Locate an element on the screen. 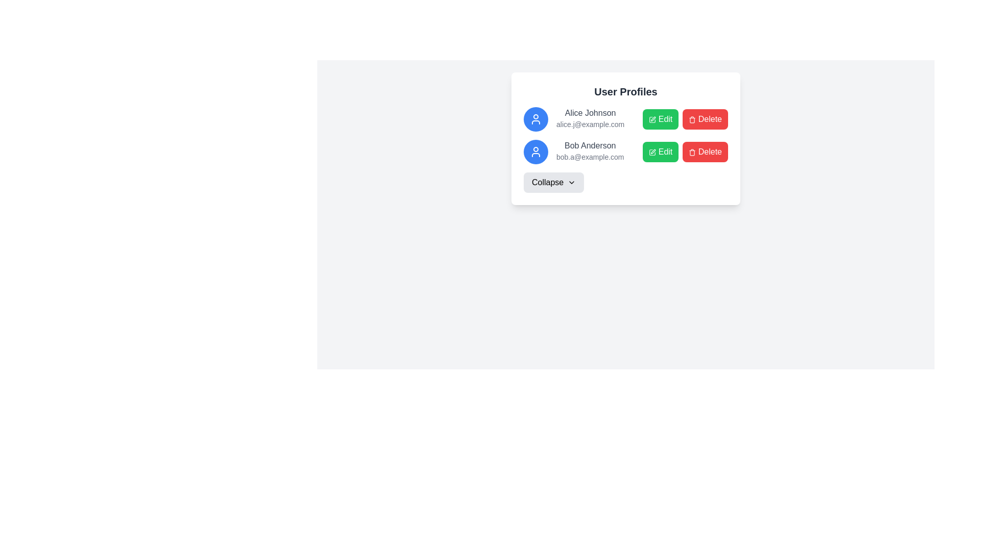 This screenshot has width=981, height=551. the user profile icon representing 'Alice Johnson' located in the blue circular area to the left of the text 'Alice Johnson' and 'alice.j@example.com' is located at coordinates (535, 119).